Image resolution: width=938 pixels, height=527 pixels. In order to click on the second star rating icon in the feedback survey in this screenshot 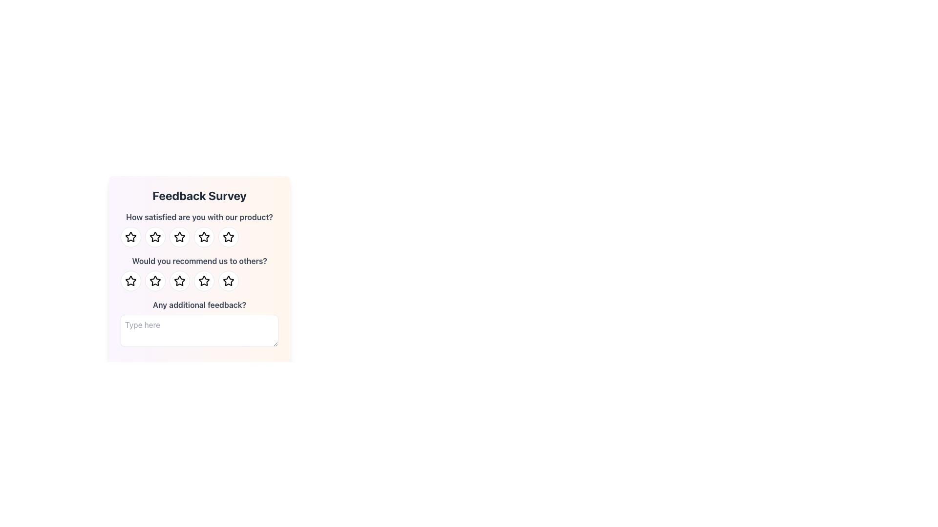, I will do `click(180, 237)`.